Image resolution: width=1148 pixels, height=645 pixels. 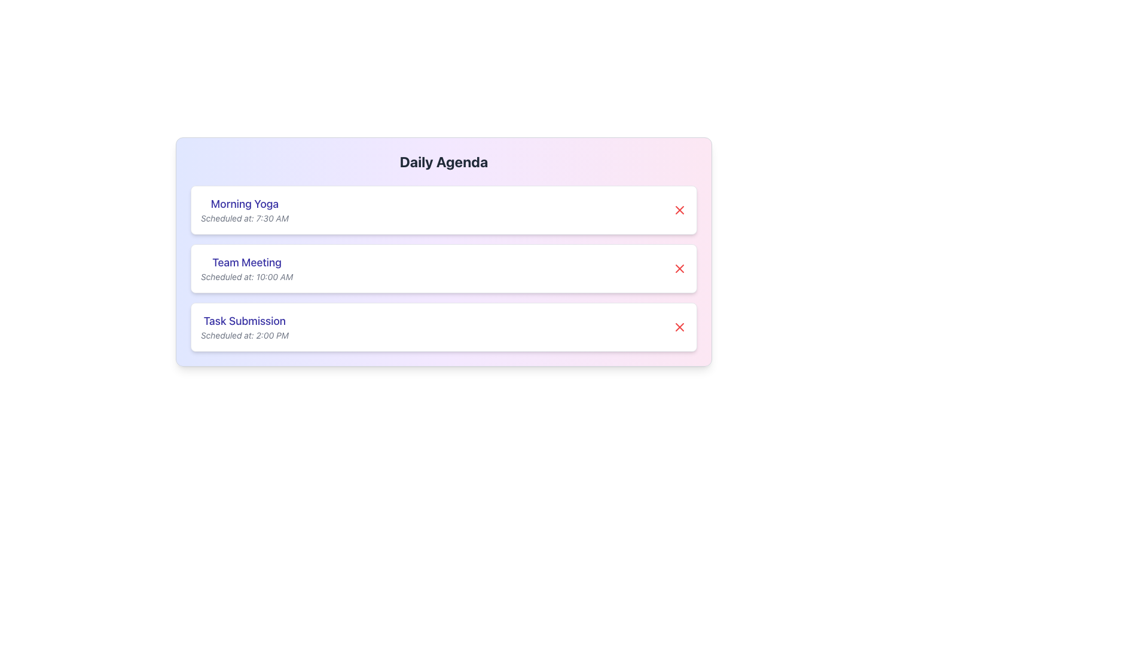 I want to click on the text label element that serves as the title for the 'Morning Yoga' scheduled event, located in the first card of the vertical list, so click(x=244, y=204).